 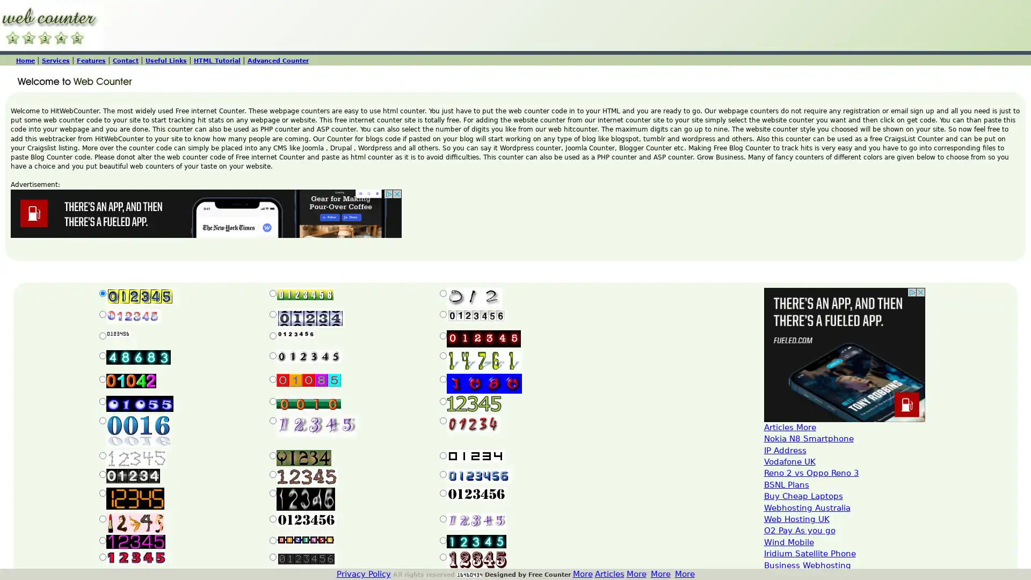 What do you see at coordinates (473, 422) in the screenshot?
I see `Submit` at bounding box center [473, 422].